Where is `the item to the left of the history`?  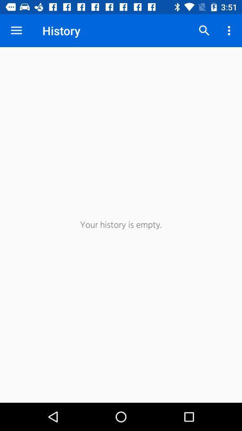
the item to the left of the history is located at coordinates (16, 31).